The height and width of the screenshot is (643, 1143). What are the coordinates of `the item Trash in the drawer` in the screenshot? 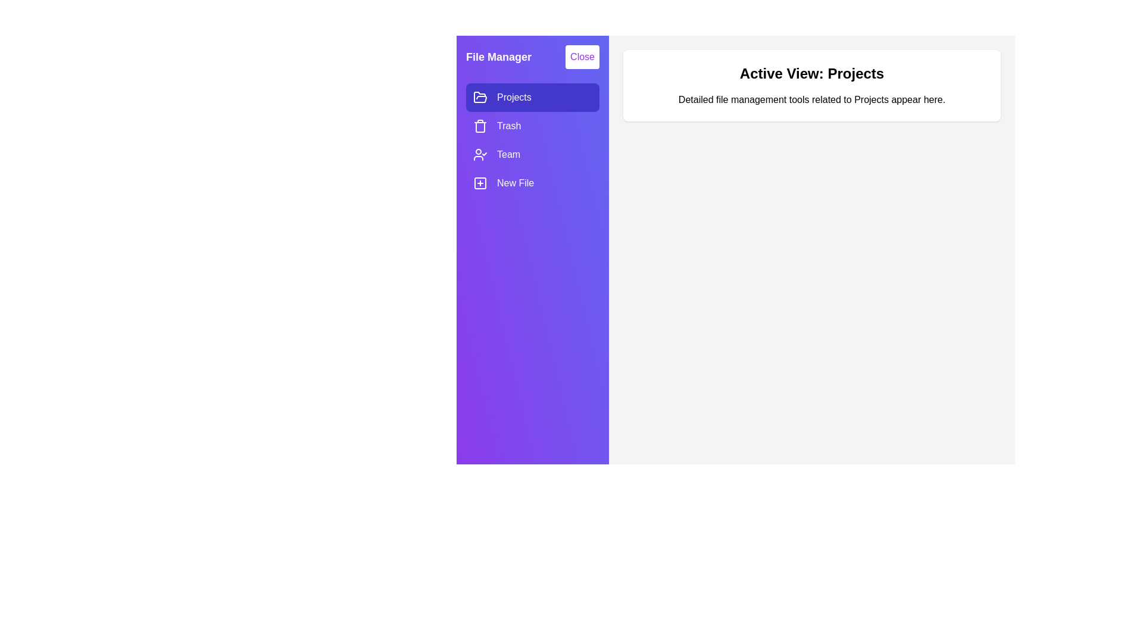 It's located at (532, 126).